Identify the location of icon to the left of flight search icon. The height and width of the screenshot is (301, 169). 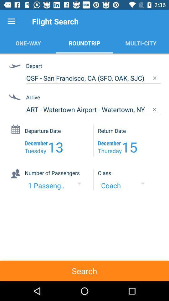
(11, 21).